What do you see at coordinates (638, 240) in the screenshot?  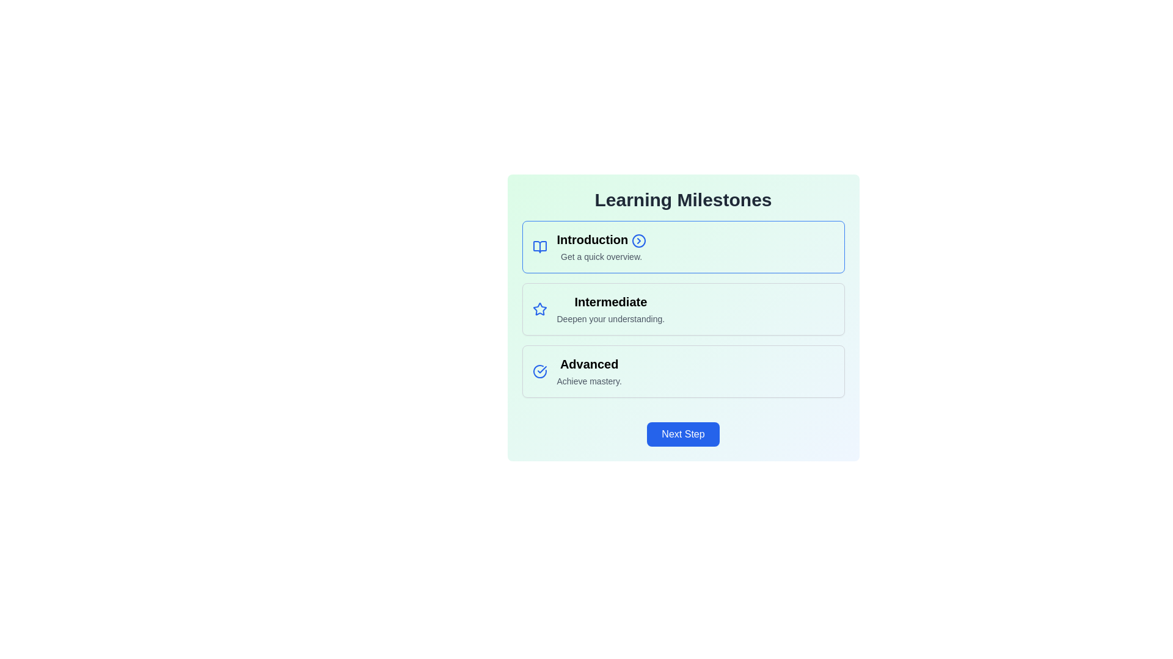 I see `the SVG Circle element that is part of the right-chevron icon, located to the right of the text 'Introduction' in the first box of the vertical list of learning milestones` at bounding box center [638, 240].